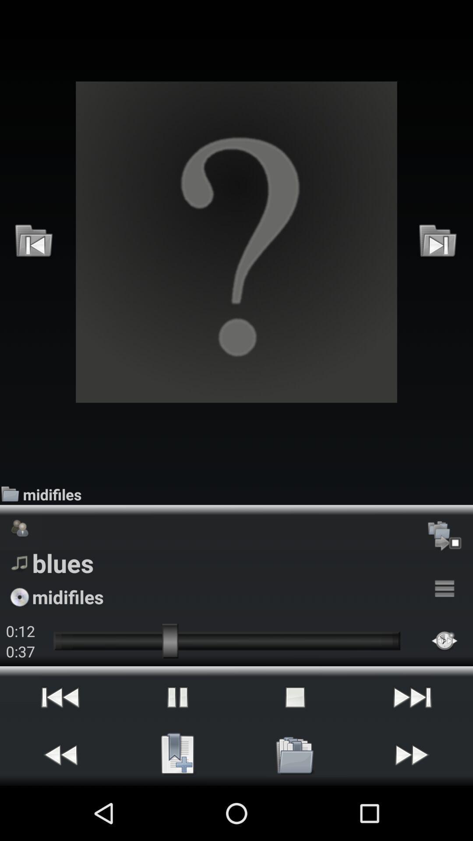  What do you see at coordinates (412, 807) in the screenshot?
I see `the av_forward icon` at bounding box center [412, 807].